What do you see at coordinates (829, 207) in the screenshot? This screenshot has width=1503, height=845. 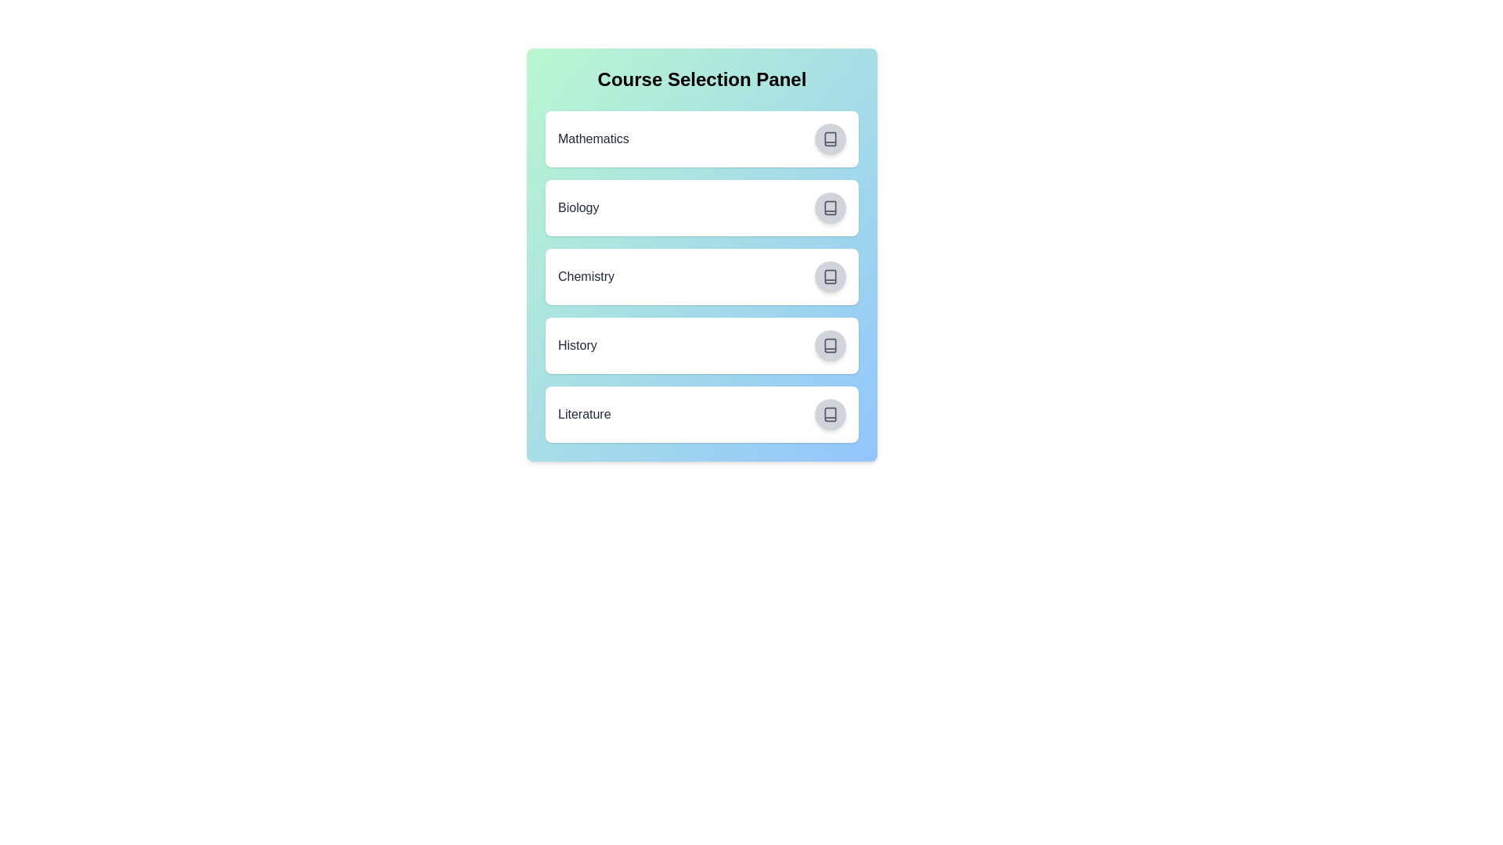 I see `the course Biology by clicking its associated button` at bounding box center [829, 207].